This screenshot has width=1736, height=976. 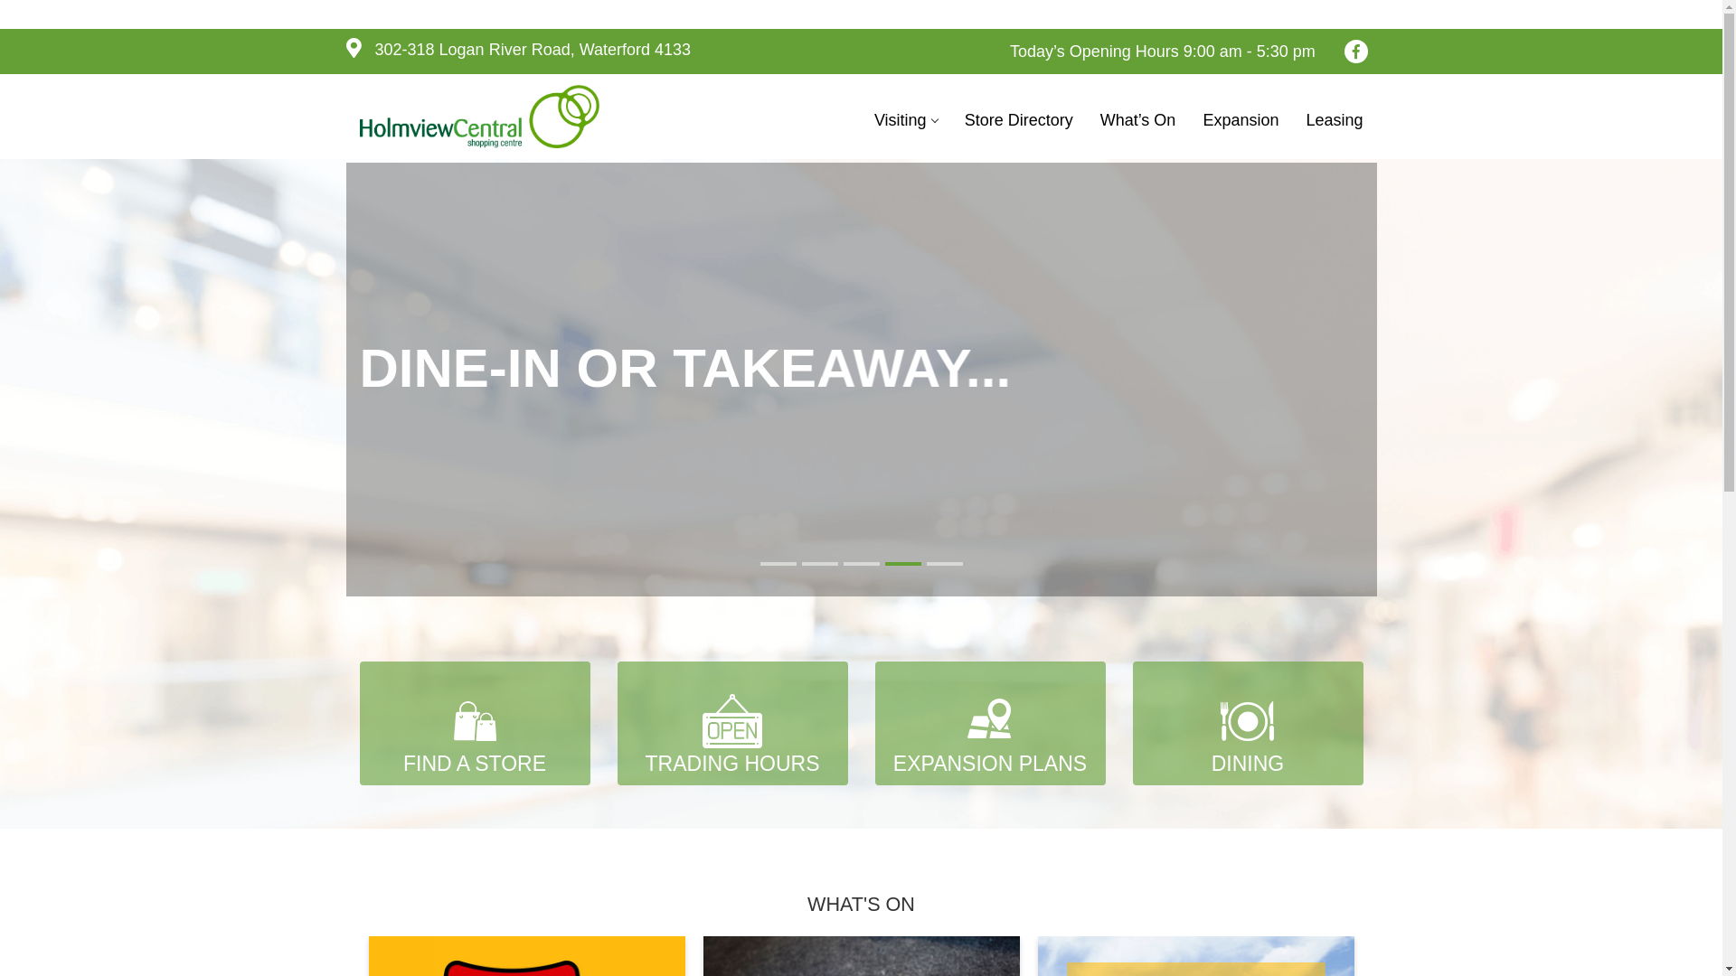 I want to click on 'TRADING HOURS', so click(x=731, y=722).